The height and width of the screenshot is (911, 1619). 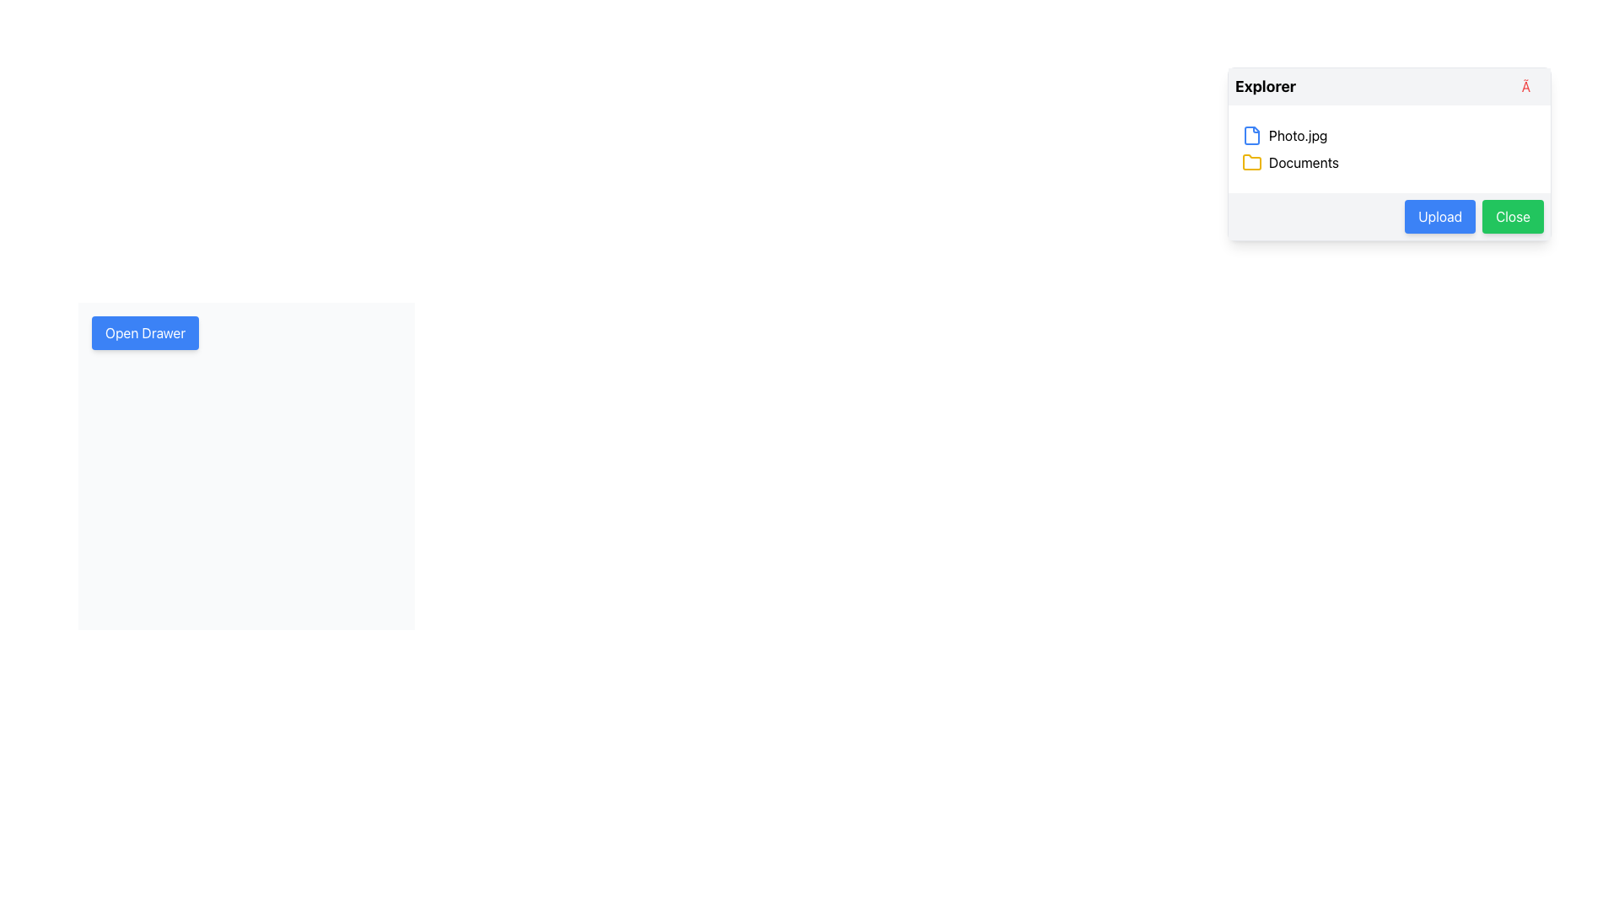 I want to click on the blue file icon representing 'Photo.jpg', which is styled with a rounded rectangle and located immediately to the left of the text, so click(x=1251, y=135).